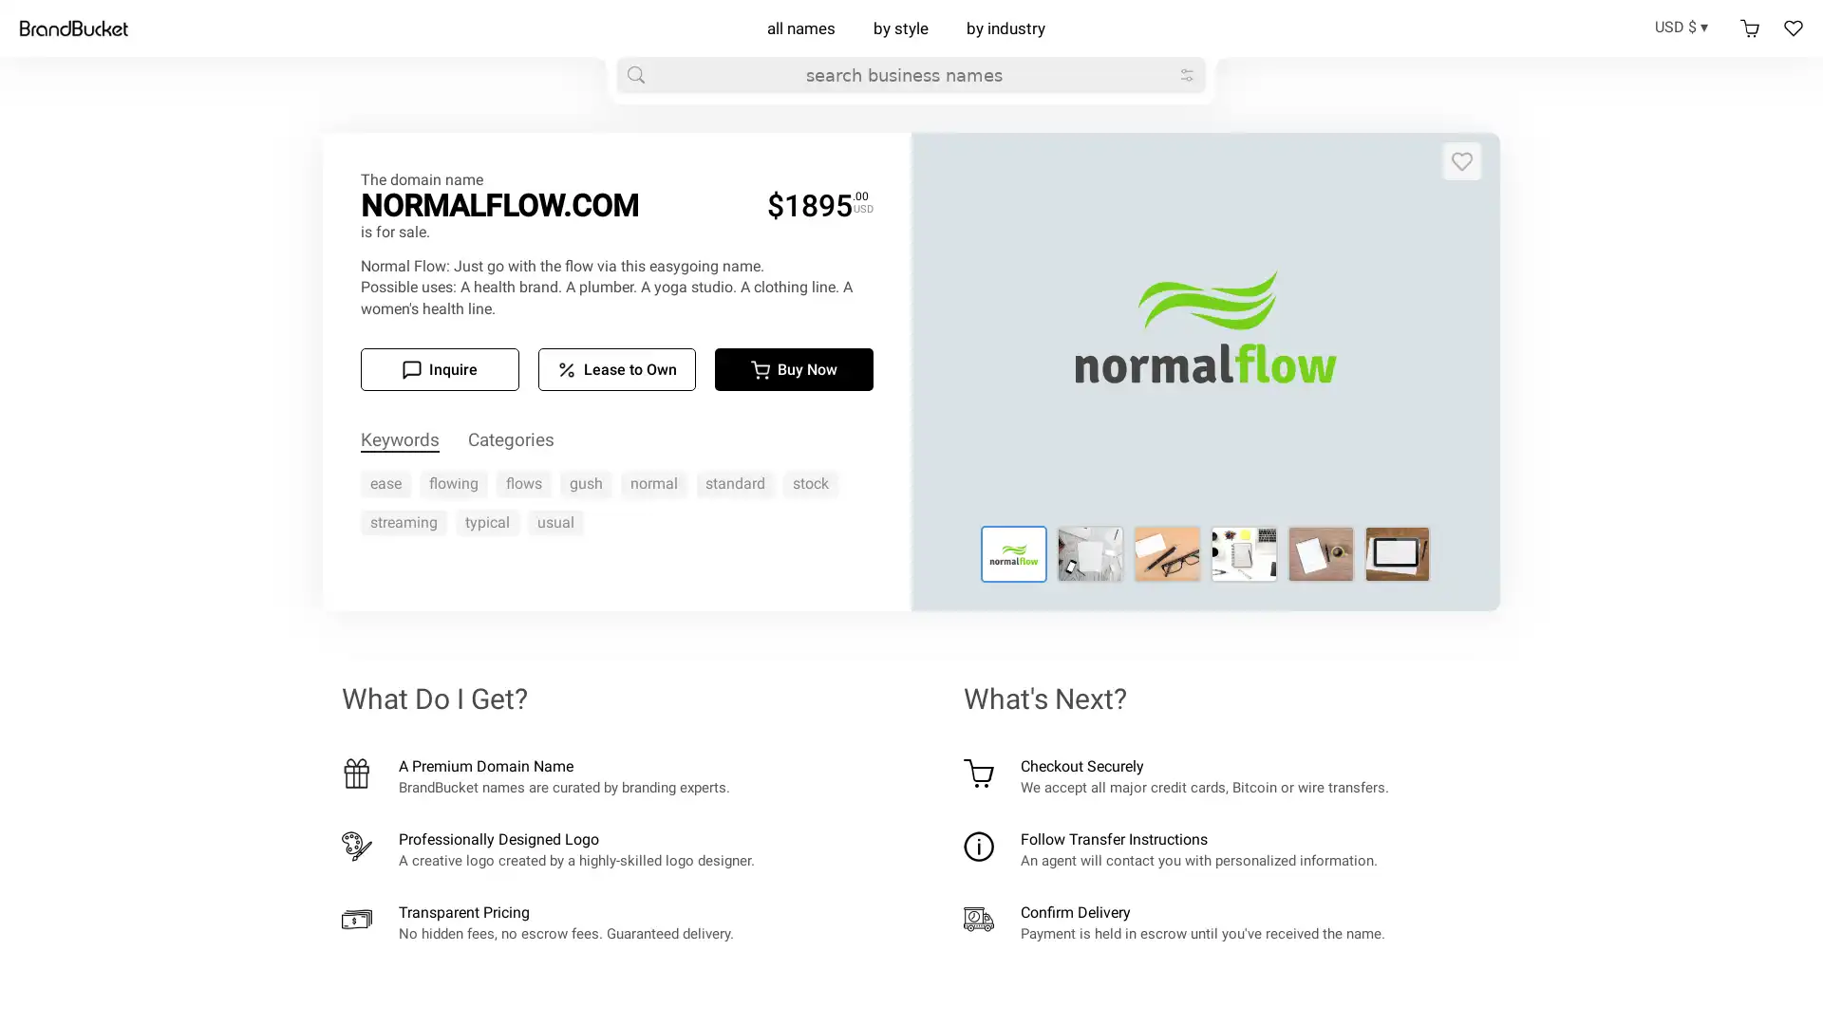 Image resolution: width=1823 pixels, height=1025 pixels. What do you see at coordinates (511, 440) in the screenshot?
I see `Categories` at bounding box center [511, 440].